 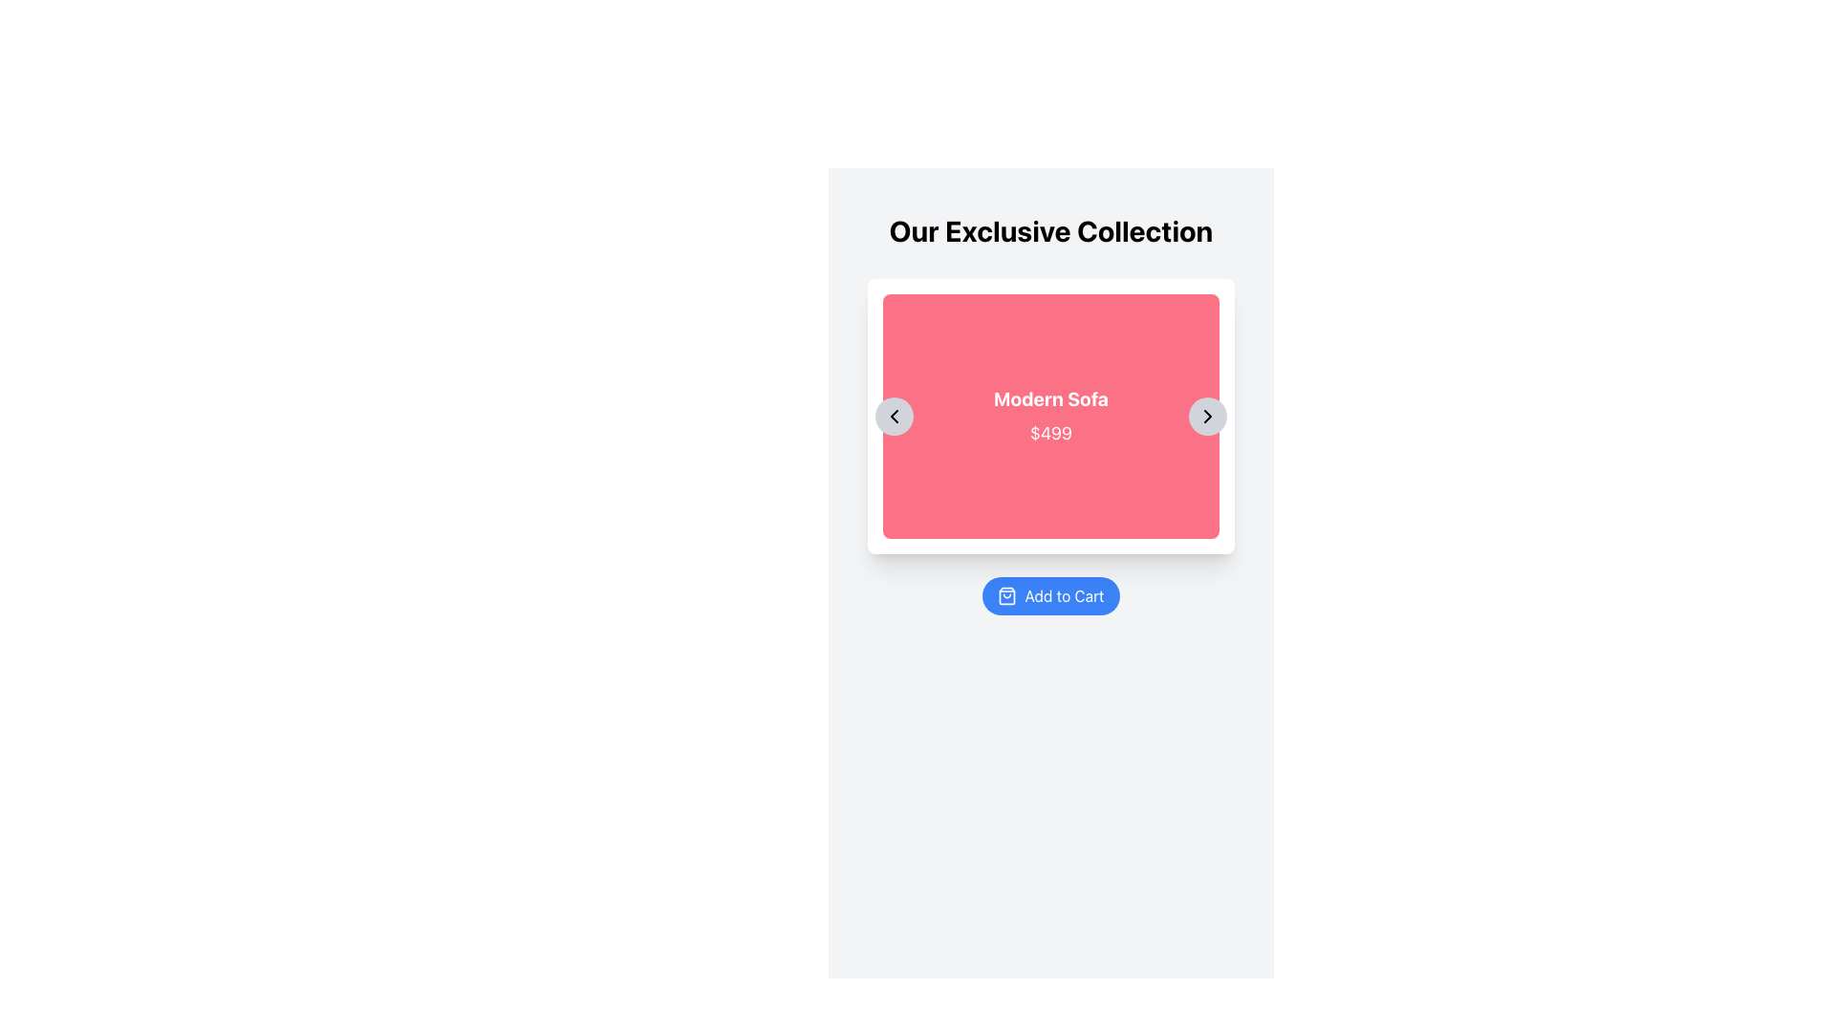 What do you see at coordinates (1006, 595) in the screenshot?
I see `the supportive icon located to the left of the 'Add to Cart' label within the button at the bottom of the interface` at bounding box center [1006, 595].